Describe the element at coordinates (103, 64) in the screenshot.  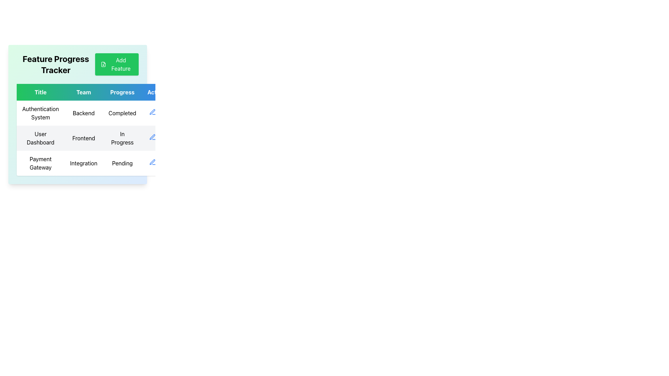
I see `the green 'Add Feature' icon with a document and a plus sign to potentially trigger a tooltip or visual feedback` at that location.